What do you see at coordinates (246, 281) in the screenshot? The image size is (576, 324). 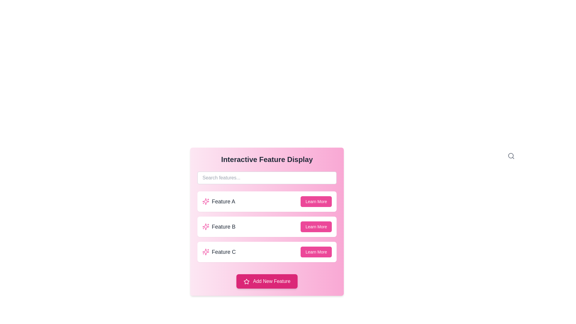 I see `the star icon located within the pink button at the bottom of the feature display section` at bounding box center [246, 281].